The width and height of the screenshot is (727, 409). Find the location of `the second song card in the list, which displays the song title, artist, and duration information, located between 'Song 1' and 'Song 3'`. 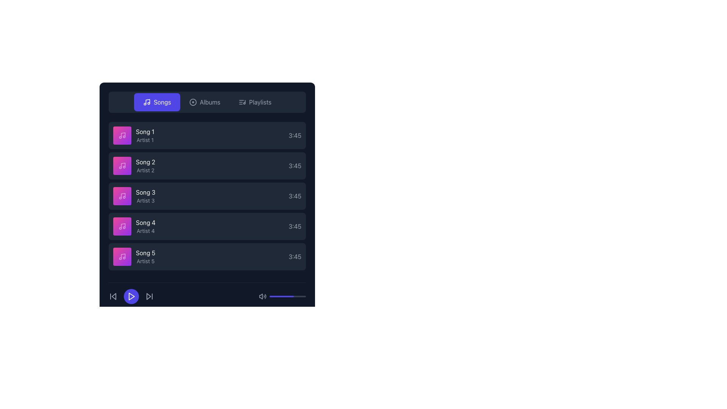

the second song card in the list, which displays the song title, artist, and duration information, located between 'Song 1' and 'Song 3' is located at coordinates (207, 165).